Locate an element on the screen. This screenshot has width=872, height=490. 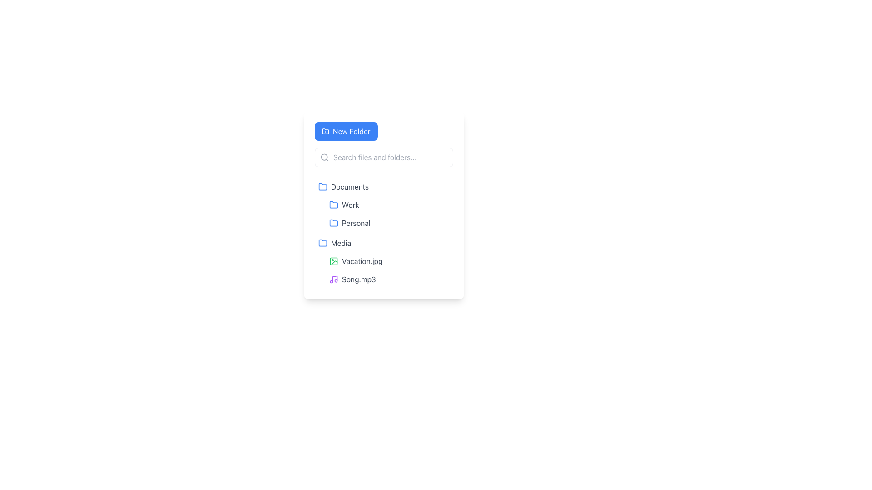
text label displaying 'Work' which is located in the second row of the folder list, next to a blue folder icon, below the 'Documents' folder is located at coordinates (350, 205).